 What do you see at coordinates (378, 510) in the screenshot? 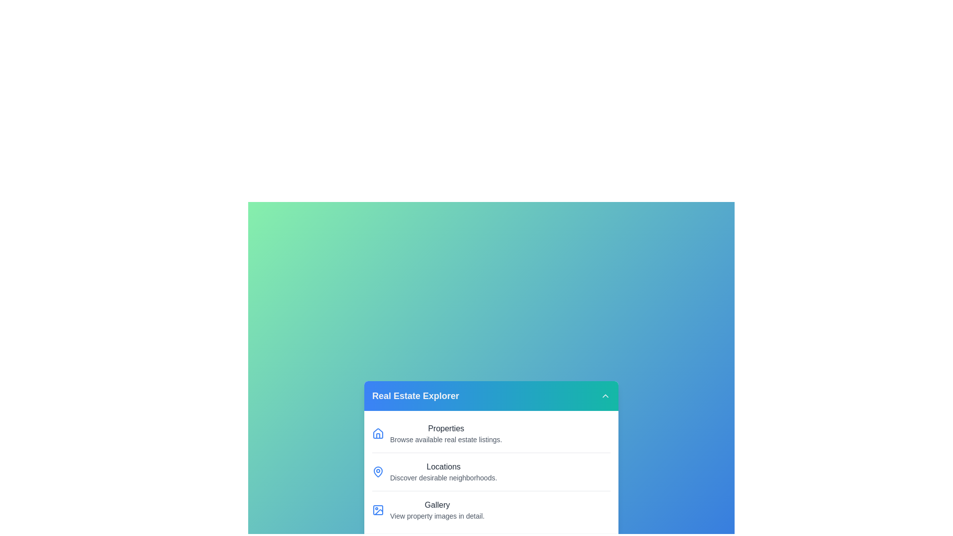
I see `the menu item associated with Gallery` at bounding box center [378, 510].